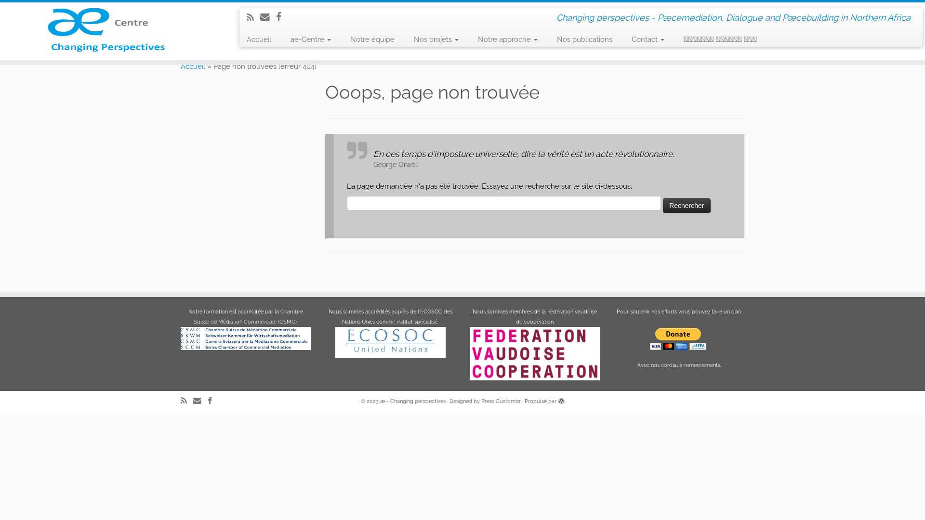 The image size is (925, 520). What do you see at coordinates (584, 39) in the screenshot?
I see `'Nos publications'` at bounding box center [584, 39].